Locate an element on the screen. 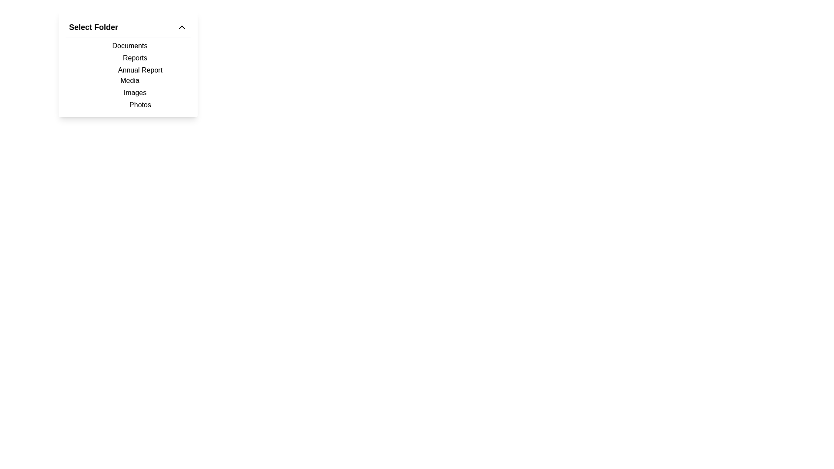 Image resolution: width=834 pixels, height=469 pixels. the 'Reports' text label in the selectable menu list is located at coordinates (135, 58).